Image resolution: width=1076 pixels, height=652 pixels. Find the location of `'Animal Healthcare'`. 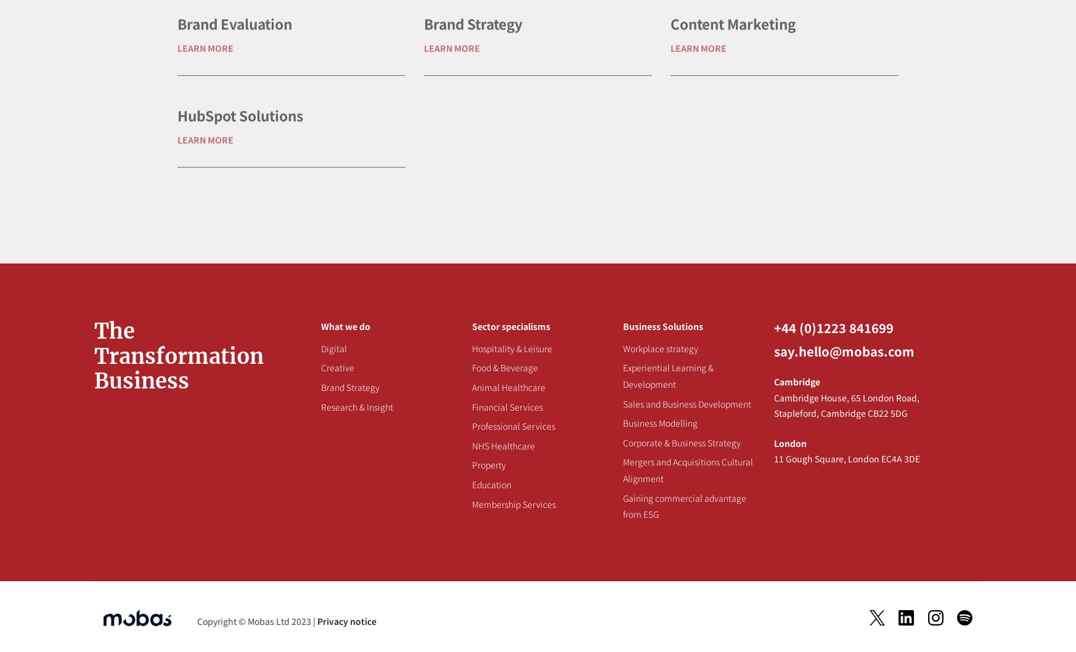

'Animal Healthcare' is located at coordinates (508, 385).